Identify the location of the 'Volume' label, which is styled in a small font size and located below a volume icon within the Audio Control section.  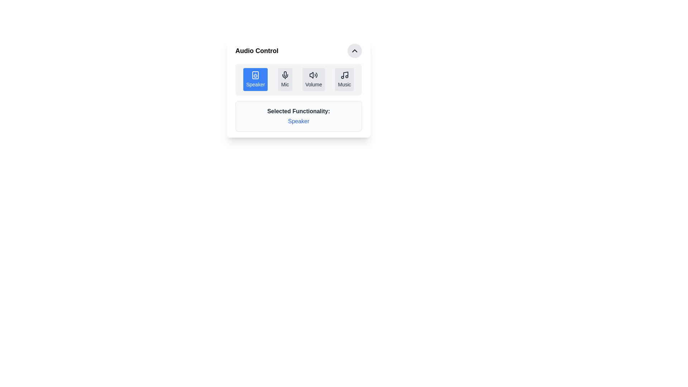
(314, 84).